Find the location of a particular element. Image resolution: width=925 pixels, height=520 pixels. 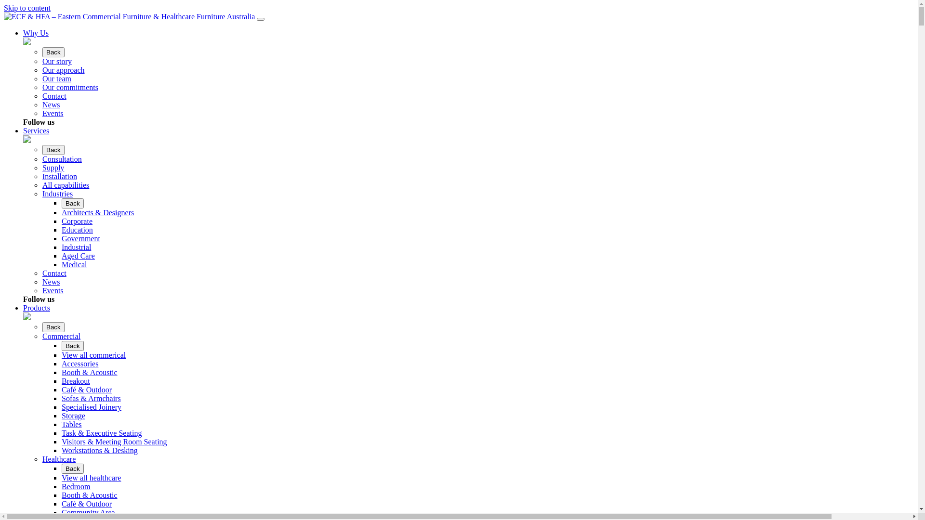

'Products' is located at coordinates (37, 308).